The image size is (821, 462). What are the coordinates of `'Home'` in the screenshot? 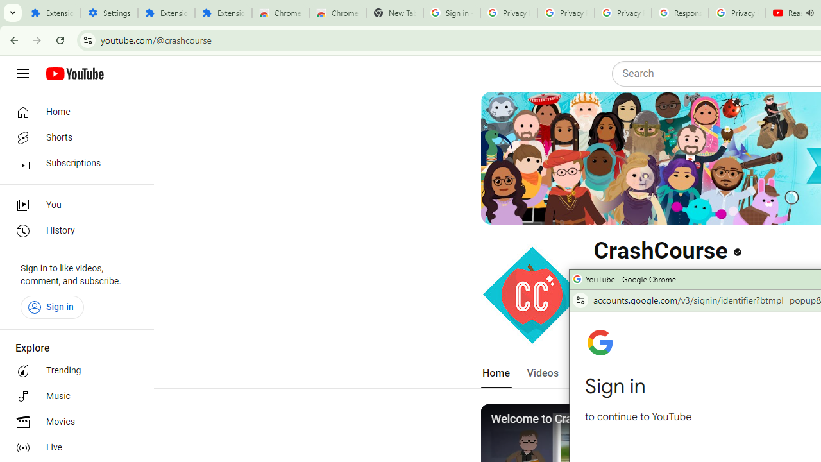 It's located at (72, 111).